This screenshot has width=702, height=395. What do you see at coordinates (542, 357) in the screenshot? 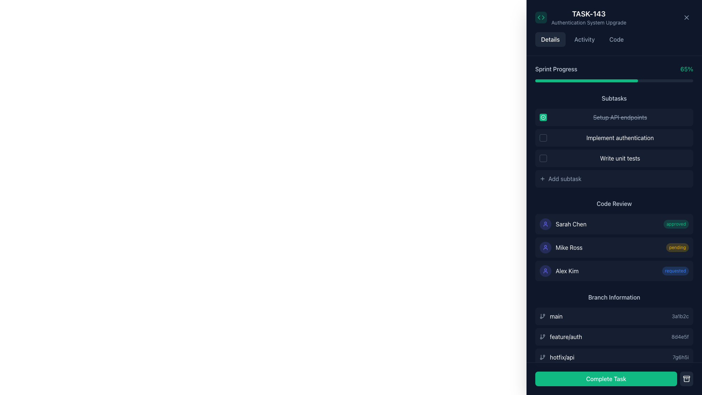
I see `the appearance of the small icon resembling a branch structure located in the 'Branch Information' section, to the left of the text 'hotfix/api'` at bounding box center [542, 357].